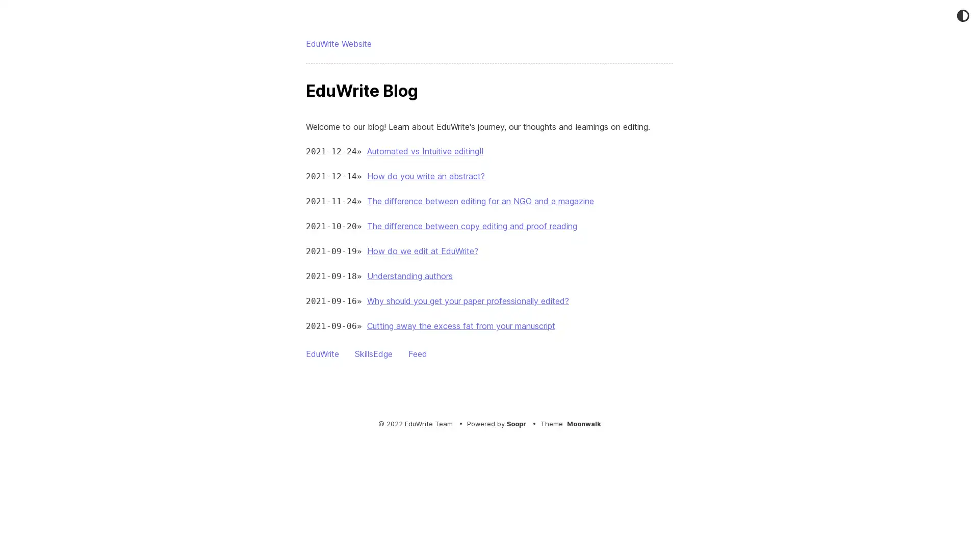 This screenshot has height=550, width=979. I want to click on Toggle Theme, so click(962, 16).